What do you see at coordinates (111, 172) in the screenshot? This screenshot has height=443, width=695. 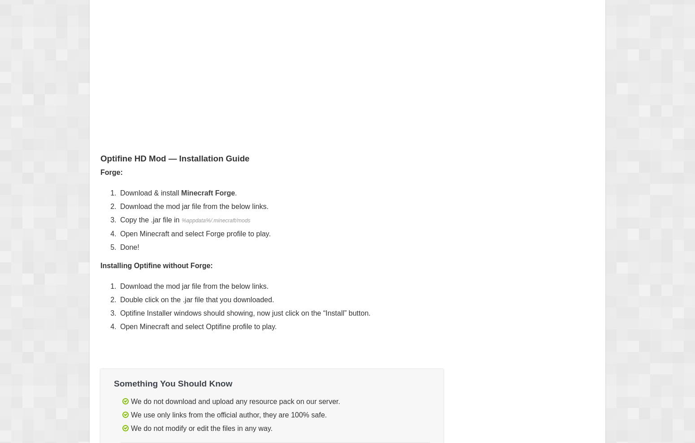 I see `'Forge:'` at bounding box center [111, 172].